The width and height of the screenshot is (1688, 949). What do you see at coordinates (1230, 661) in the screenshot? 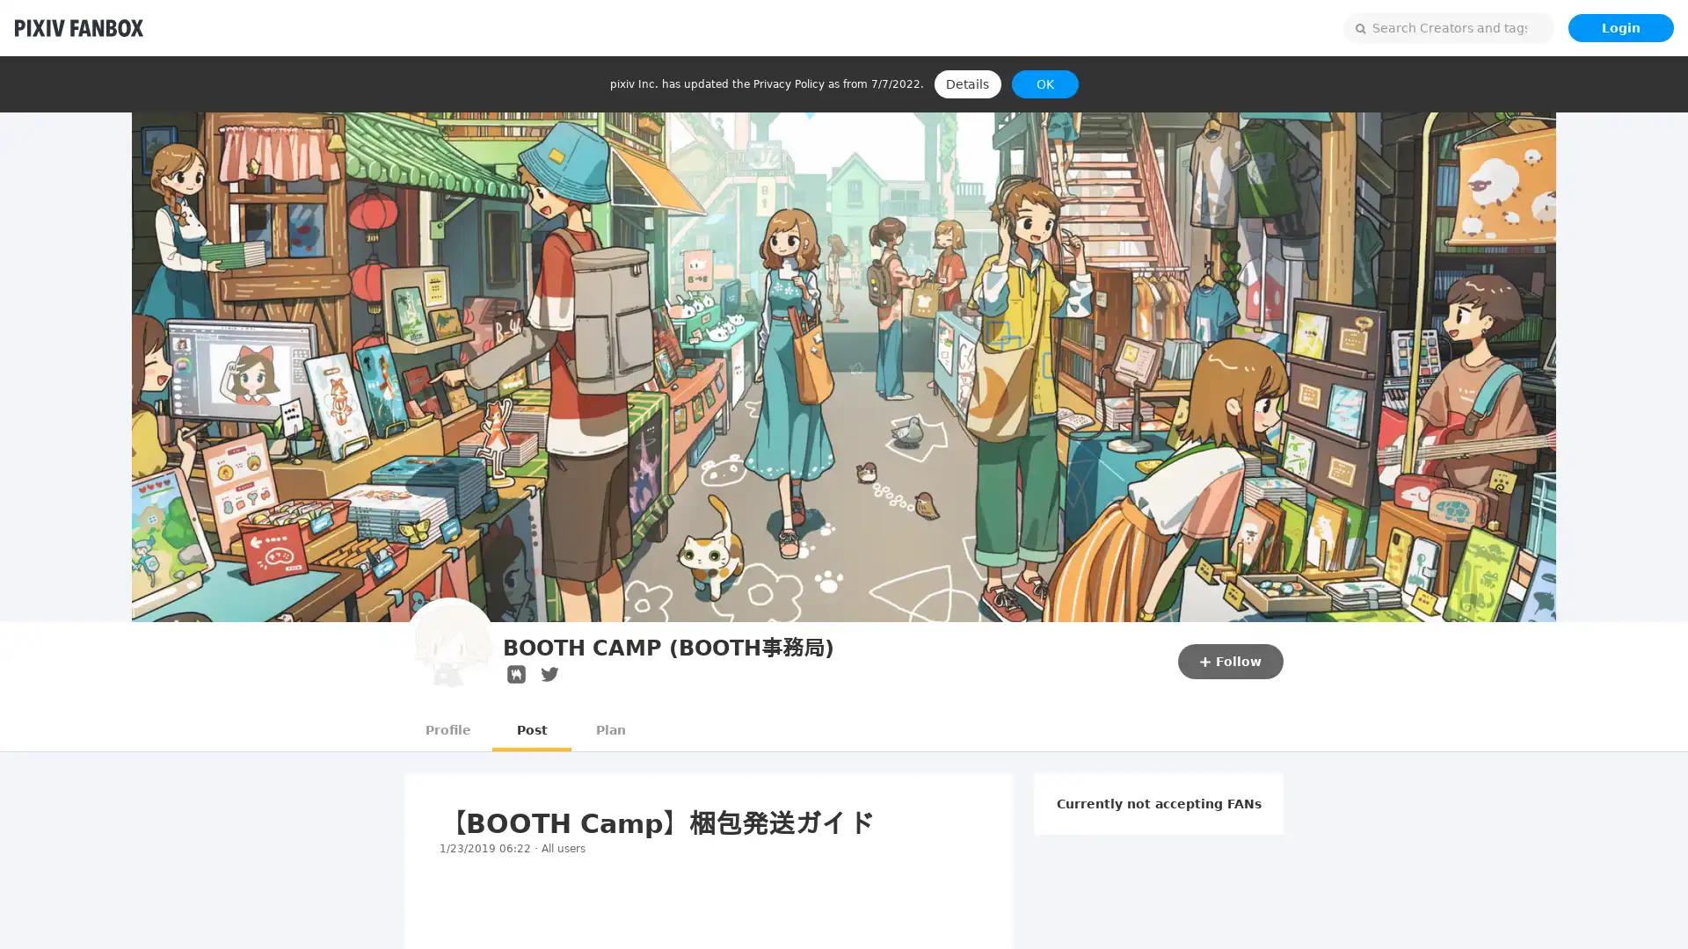
I see `Follow` at bounding box center [1230, 661].